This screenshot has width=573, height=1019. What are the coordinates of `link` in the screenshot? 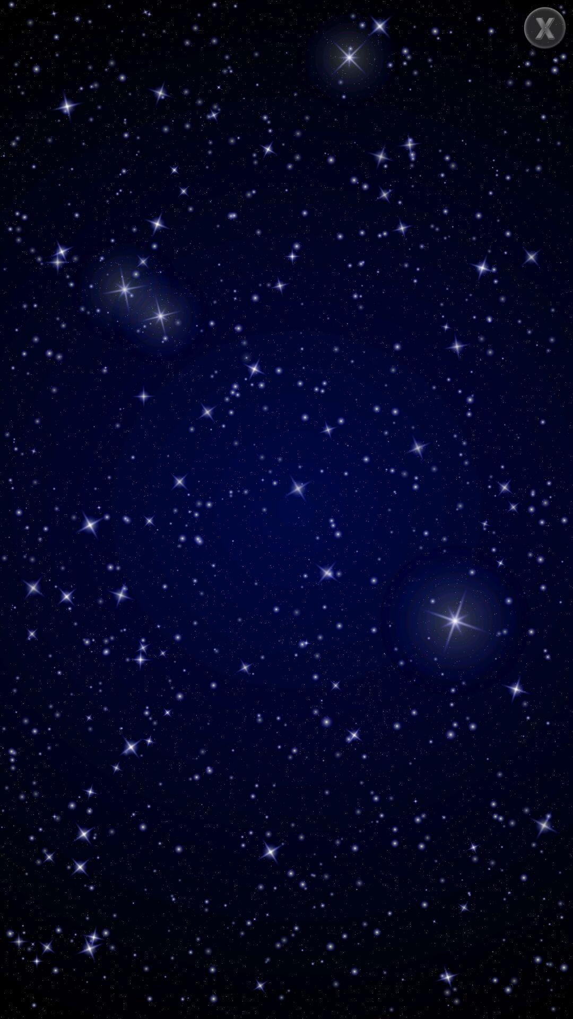 It's located at (545, 28).